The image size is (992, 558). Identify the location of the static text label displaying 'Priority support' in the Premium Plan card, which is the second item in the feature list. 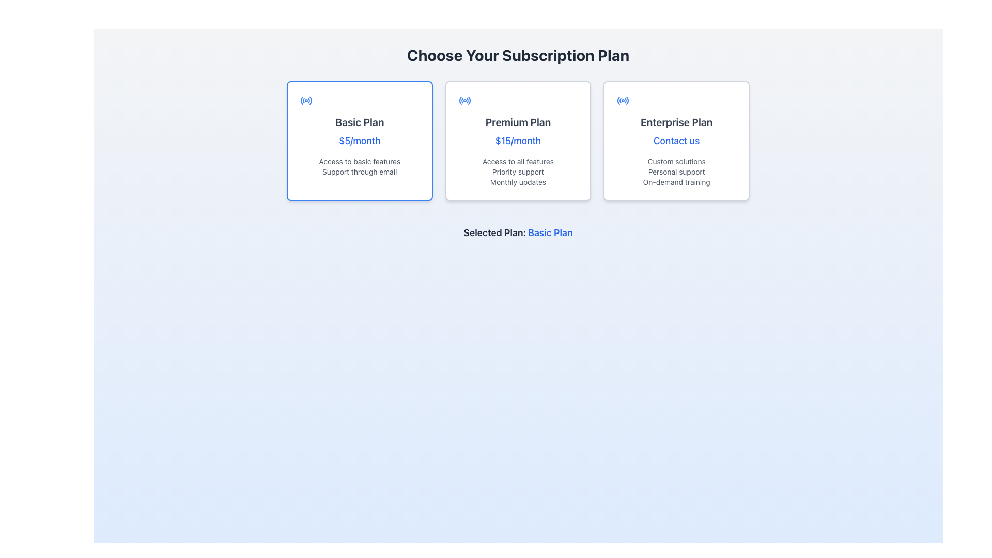
(518, 171).